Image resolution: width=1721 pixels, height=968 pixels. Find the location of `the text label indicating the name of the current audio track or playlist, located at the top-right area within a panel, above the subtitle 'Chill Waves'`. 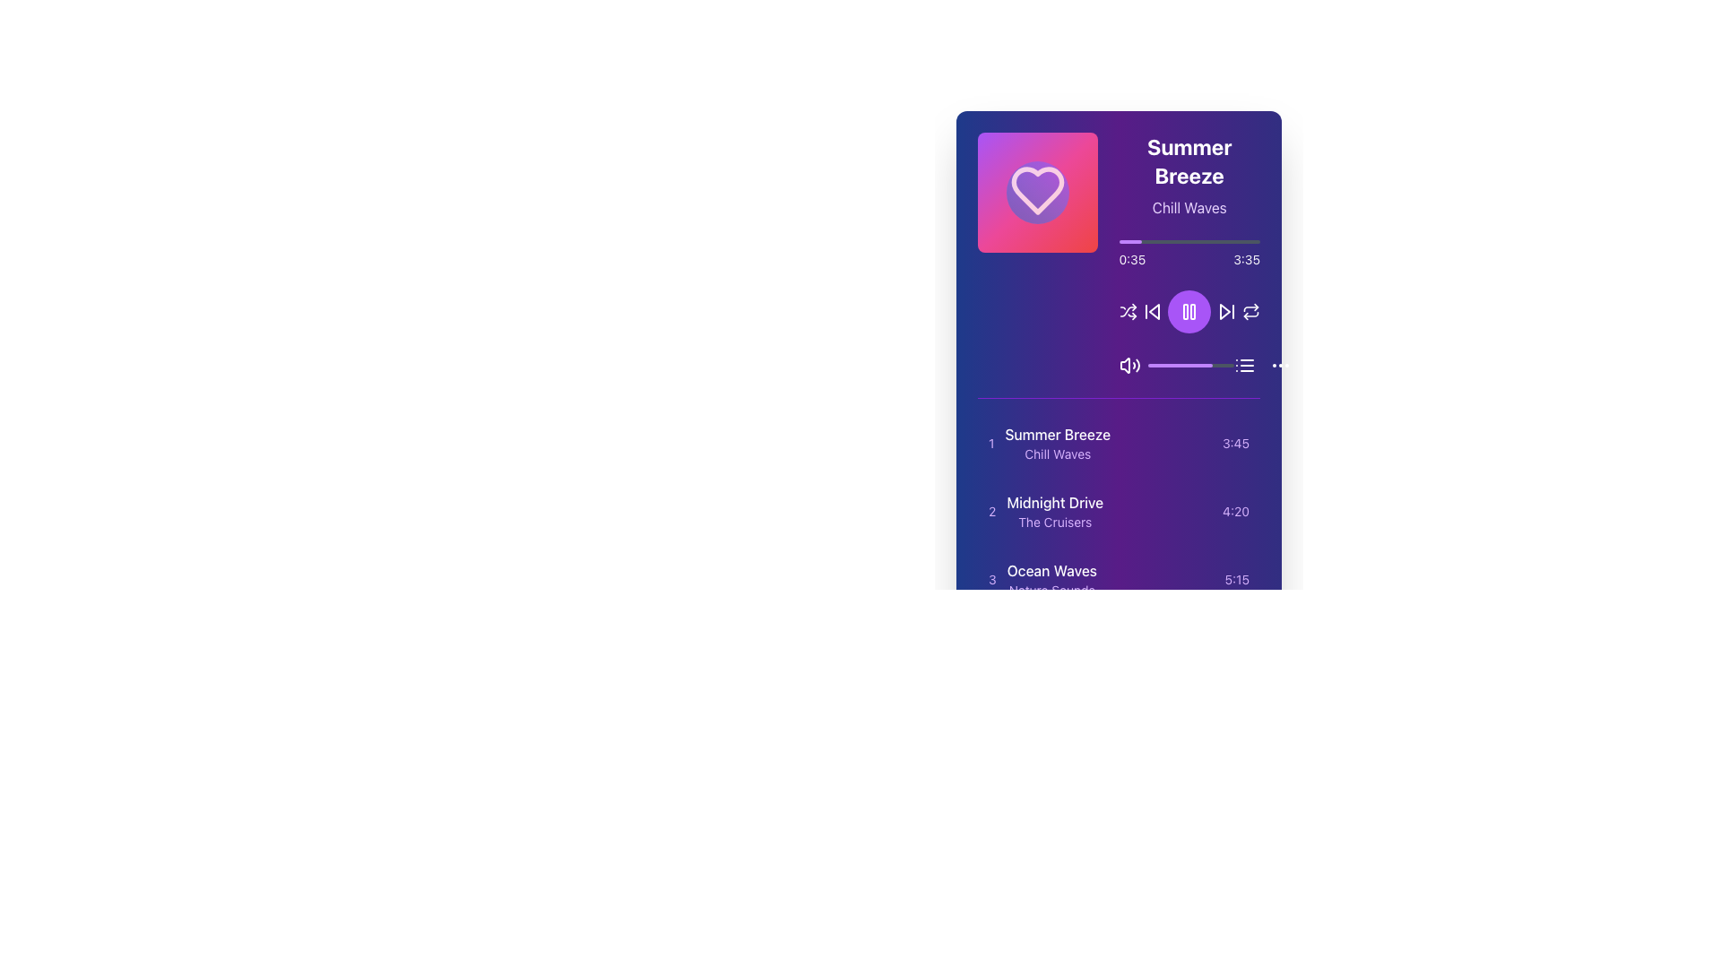

the text label indicating the name of the current audio track or playlist, located at the top-right area within a panel, above the subtitle 'Chill Waves' is located at coordinates (1189, 161).